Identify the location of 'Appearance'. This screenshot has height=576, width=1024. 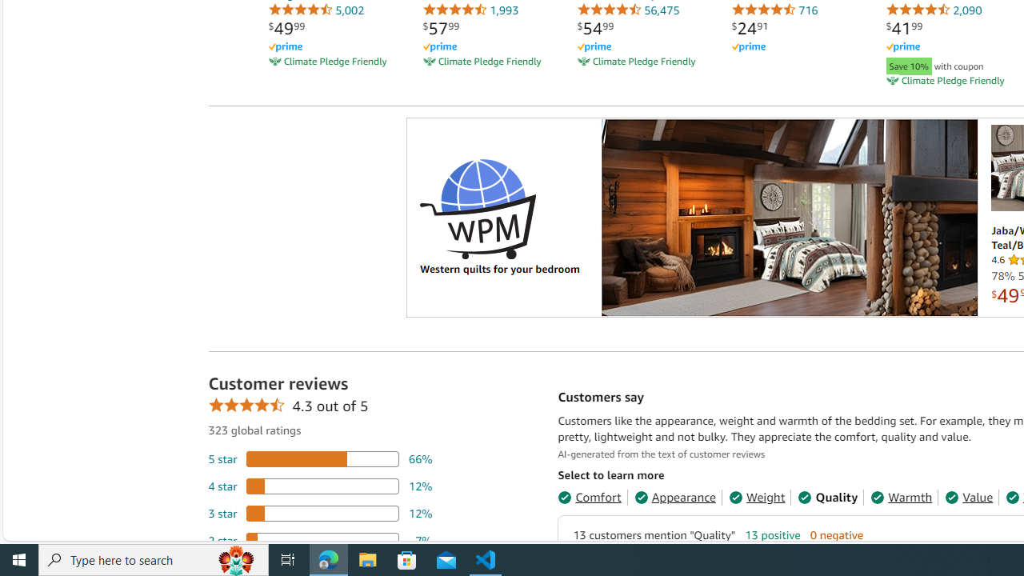
(674, 496).